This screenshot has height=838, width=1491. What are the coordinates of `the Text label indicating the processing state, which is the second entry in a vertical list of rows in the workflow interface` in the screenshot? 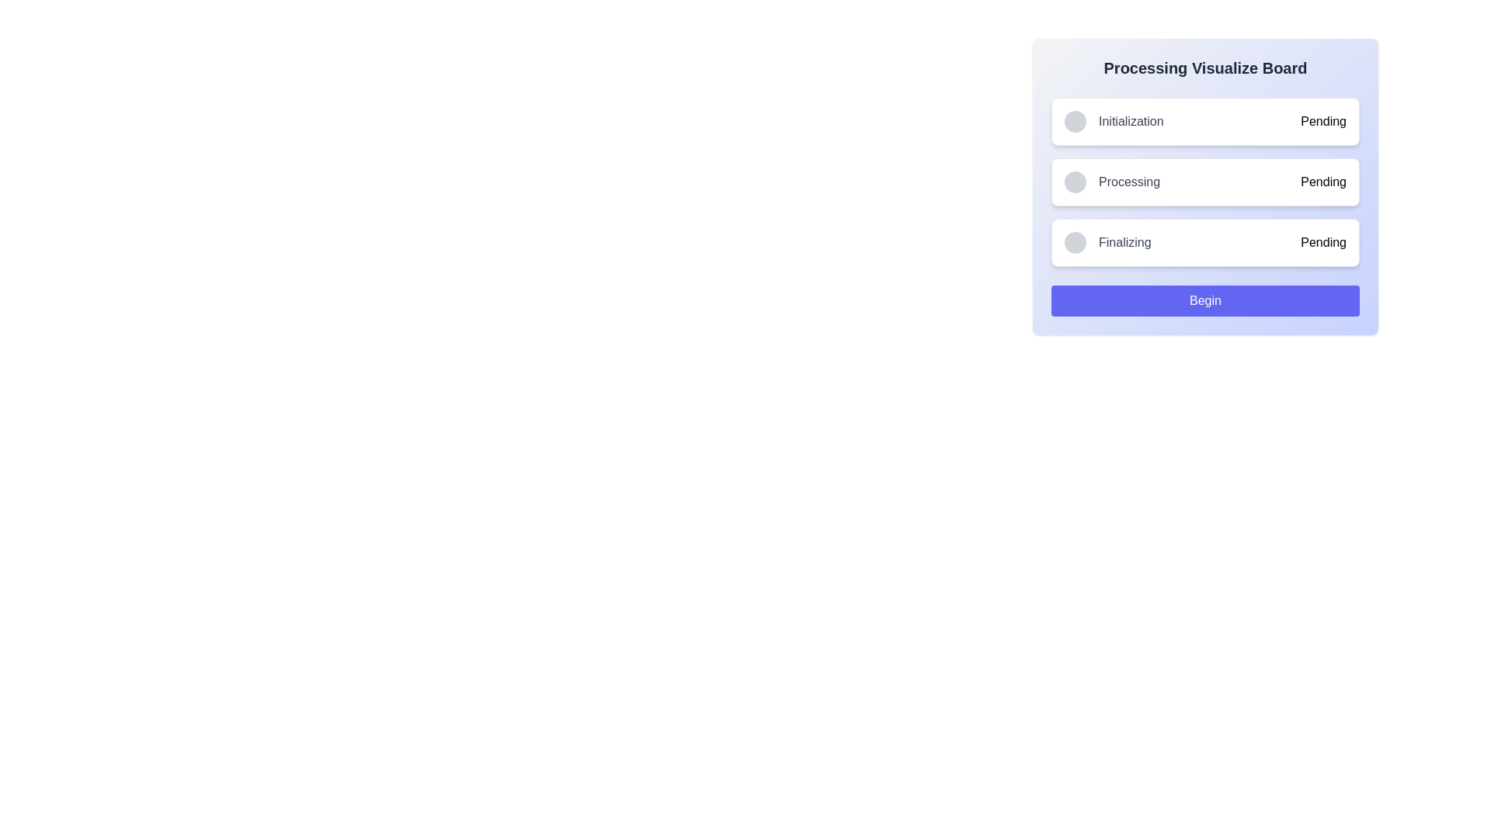 It's located at (1129, 182).